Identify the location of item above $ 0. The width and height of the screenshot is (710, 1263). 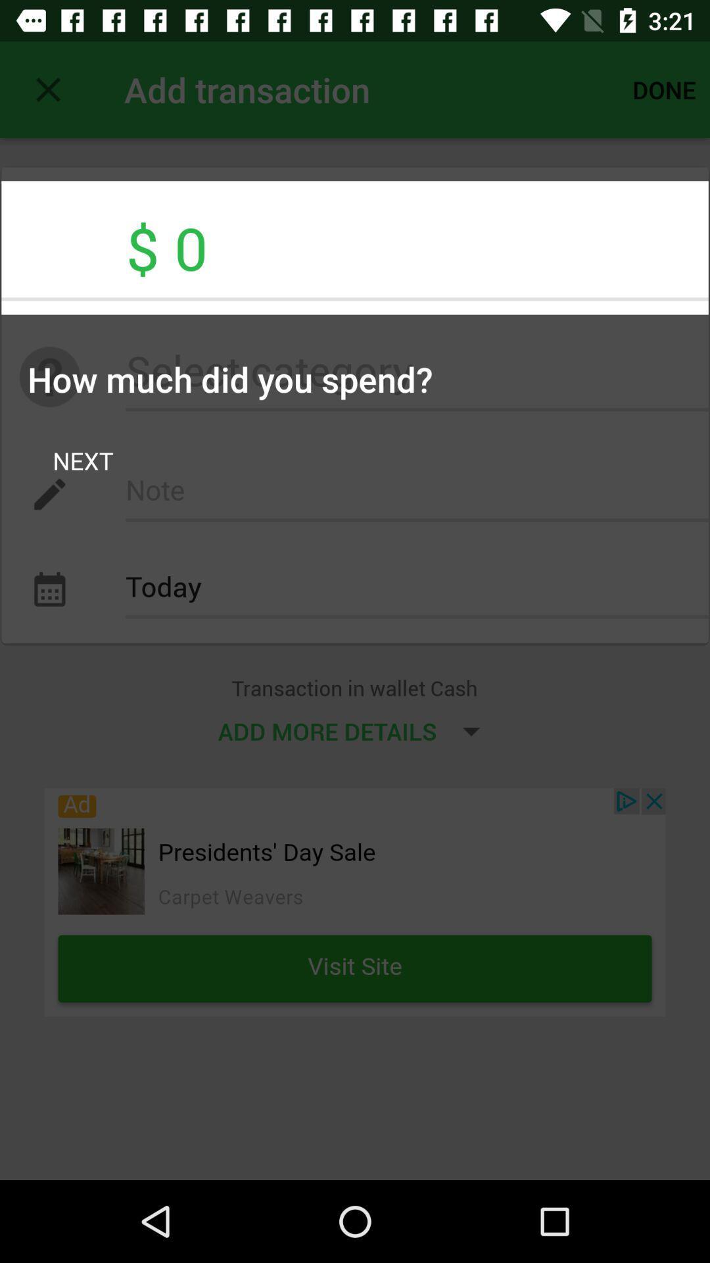
(47, 89).